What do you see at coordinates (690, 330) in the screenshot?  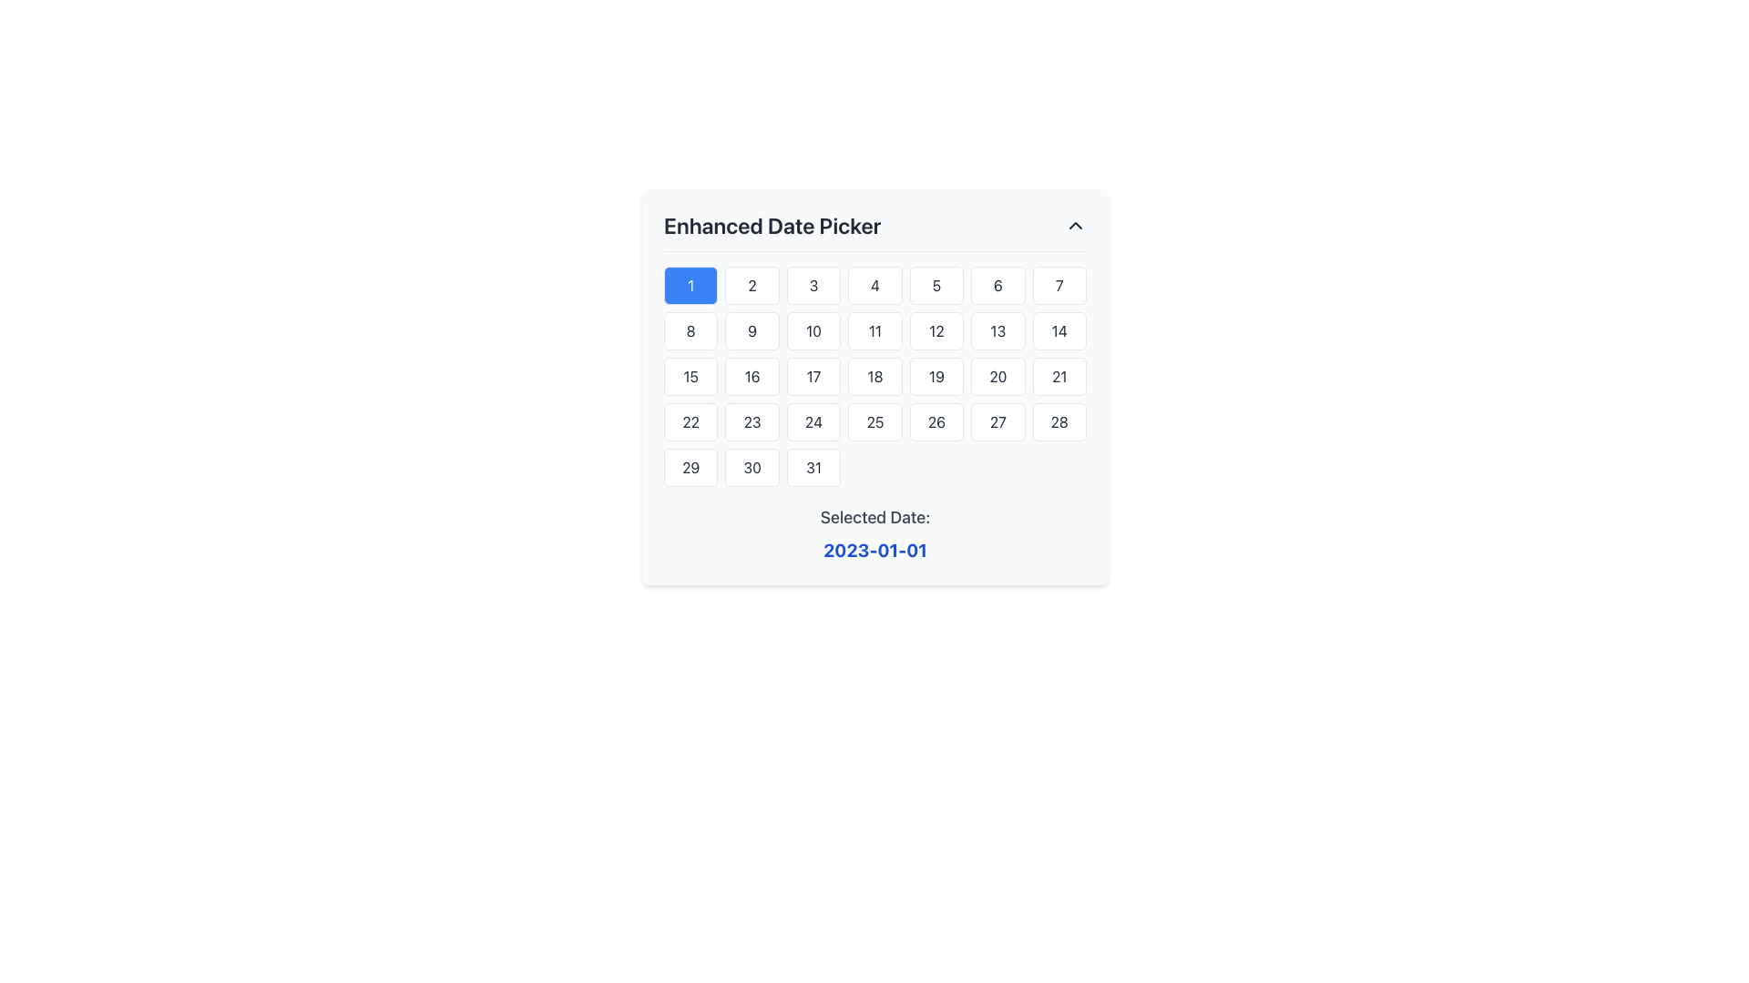 I see `the square-shaped button with rounded corners labeled '8', located in the second row and first column of the grid under 'Enhanced Date Picker'` at bounding box center [690, 330].